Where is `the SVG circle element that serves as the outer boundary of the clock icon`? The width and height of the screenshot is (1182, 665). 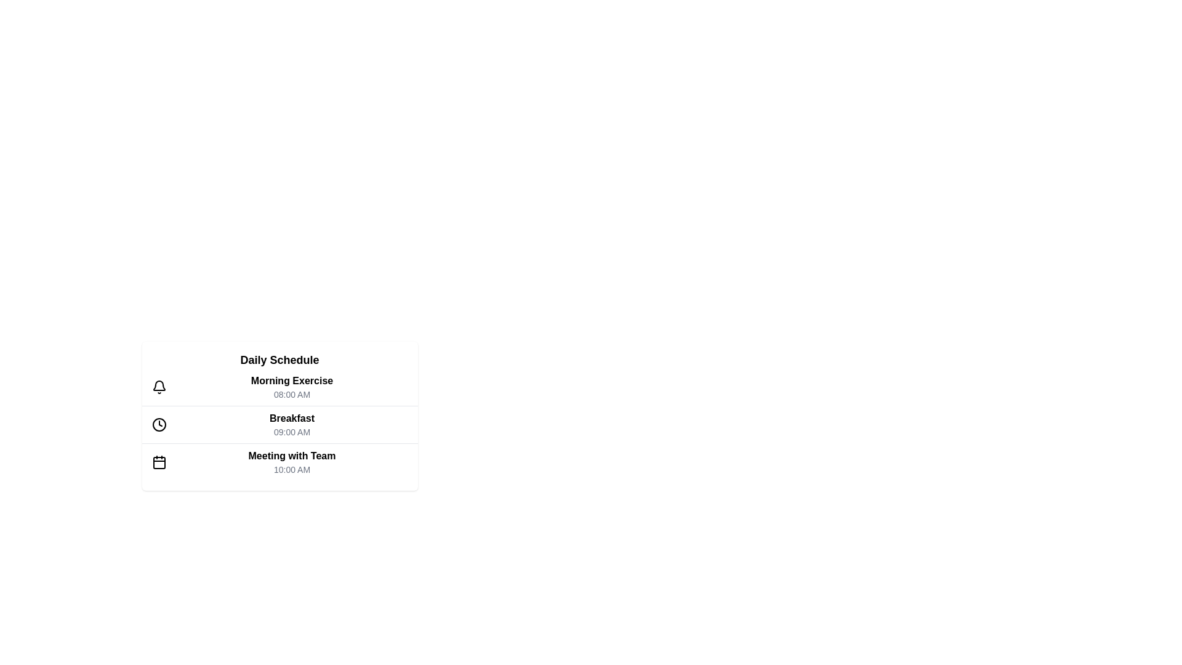
the SVG circle element that serves as the outer boundary of the clock icon is located at coordinates (158, 424).